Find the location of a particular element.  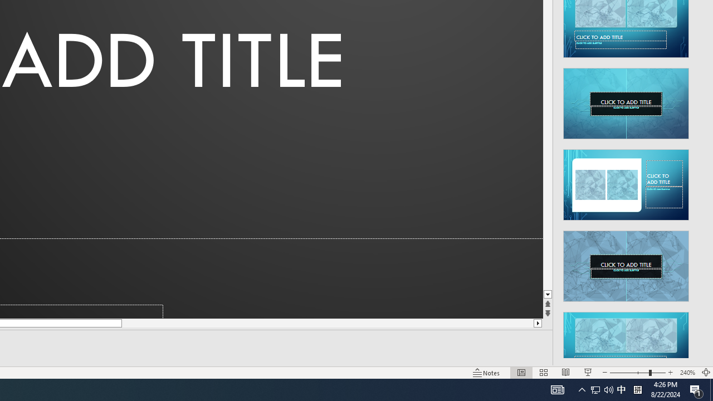

'Zoom to Fit ' is located at coordinates (705, 373).